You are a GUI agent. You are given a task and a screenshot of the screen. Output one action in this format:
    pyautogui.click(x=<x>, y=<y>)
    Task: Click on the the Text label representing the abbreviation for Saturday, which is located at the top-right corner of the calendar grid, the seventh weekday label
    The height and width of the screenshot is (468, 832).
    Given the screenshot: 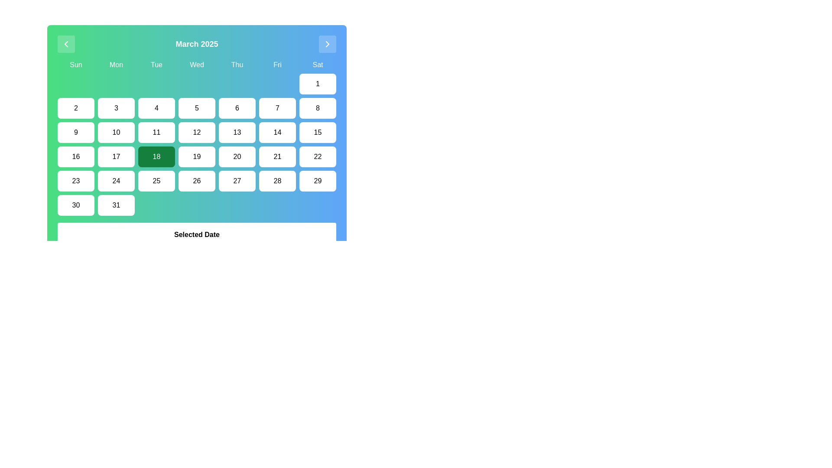 What is the action you would take?
    pyautogui.click(x=317, y=65)
    